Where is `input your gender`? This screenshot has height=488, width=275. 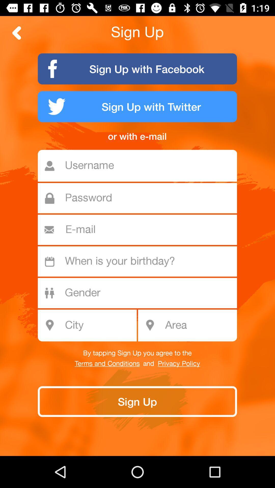 input your gender is located at coordinates (140, 293).